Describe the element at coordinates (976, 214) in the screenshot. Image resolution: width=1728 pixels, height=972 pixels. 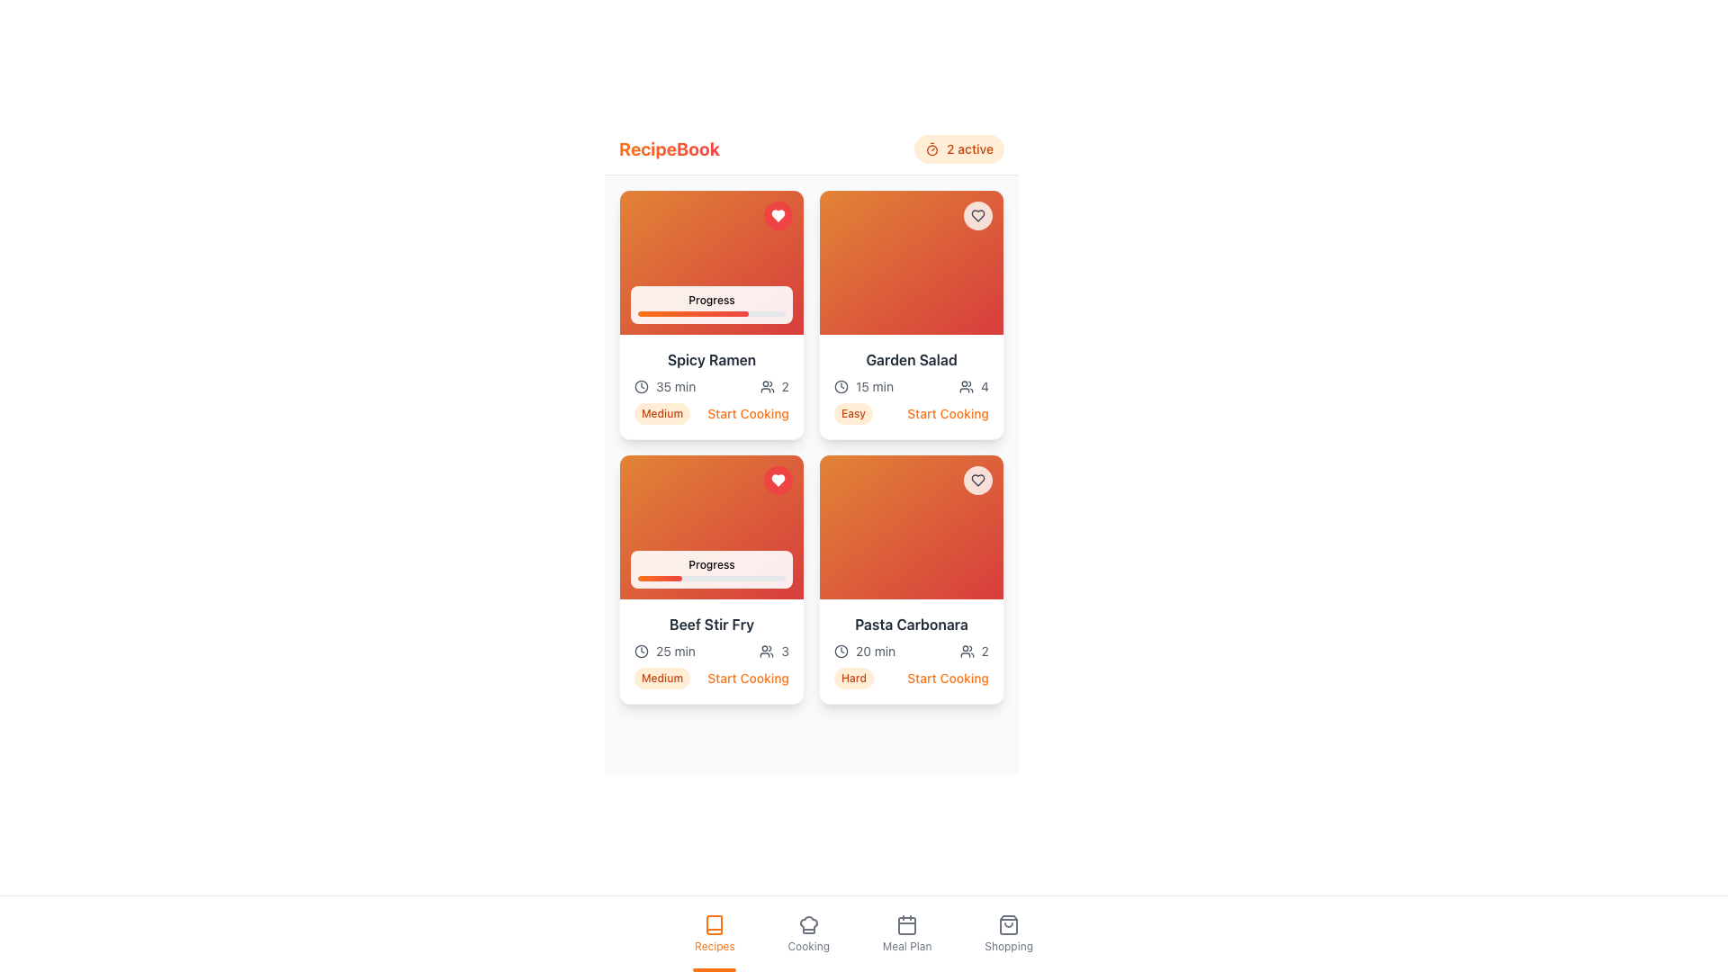
I see `the favorite button located at the top-right corner of the 'Garden Salad' card in the grid layout to mark it as a favorite item` at that location.